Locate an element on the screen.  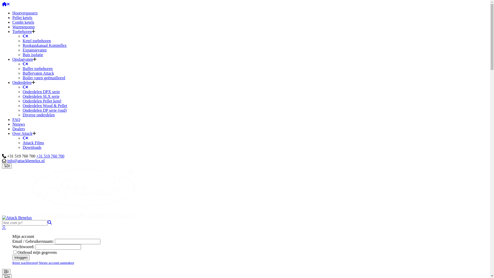
'Onderdelen SLX serie' is located at coordinates (41, 96).